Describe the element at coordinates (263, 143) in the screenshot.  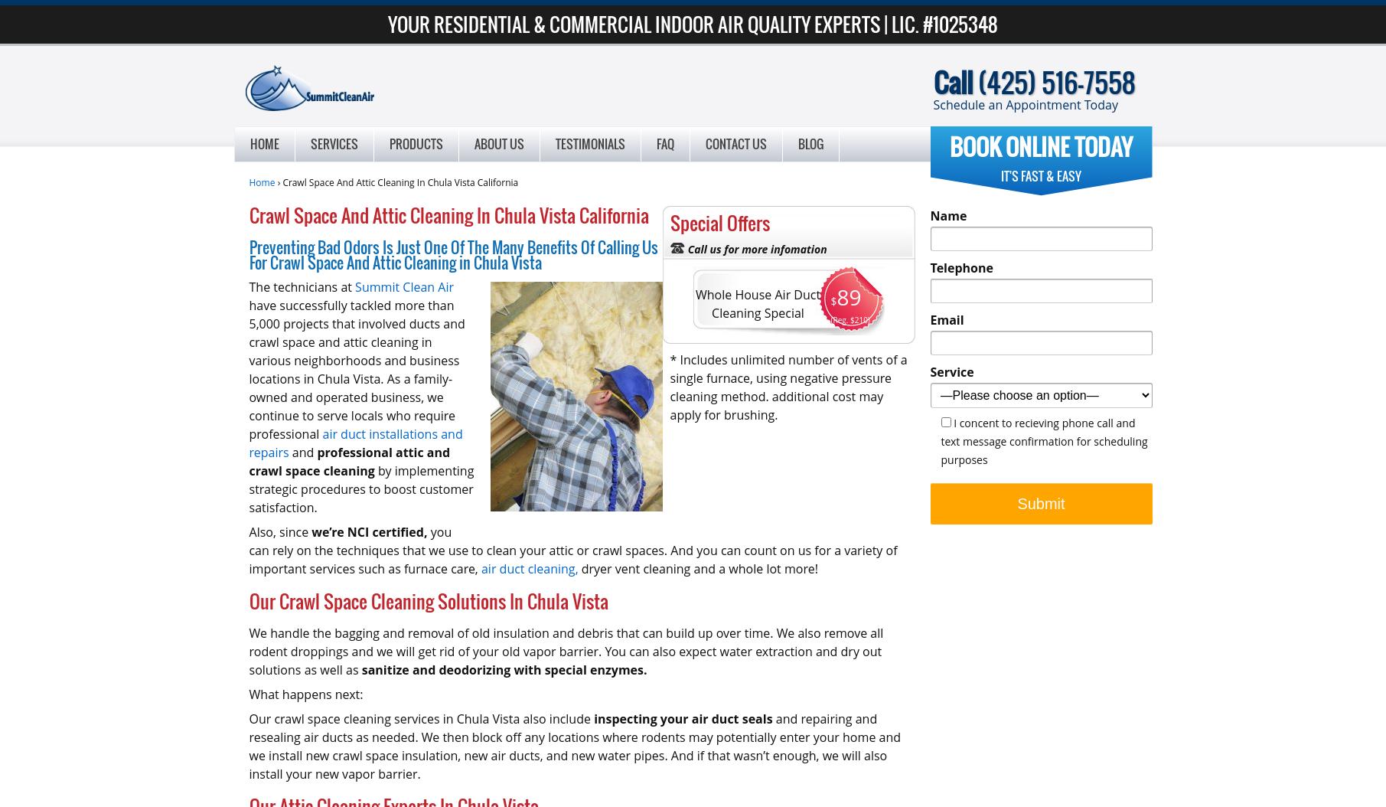
I see `'Home'` at that location.